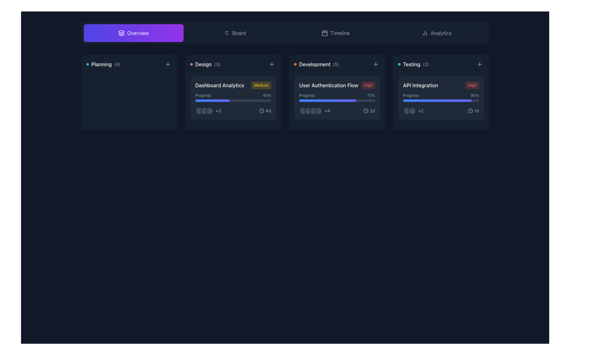 The image size is (612, 344). I want to click on the label that displays 'API Integration' with a red badge 'High', which is positioned at the top of the fourth column under the 'Testing' section, so click(441, 85).